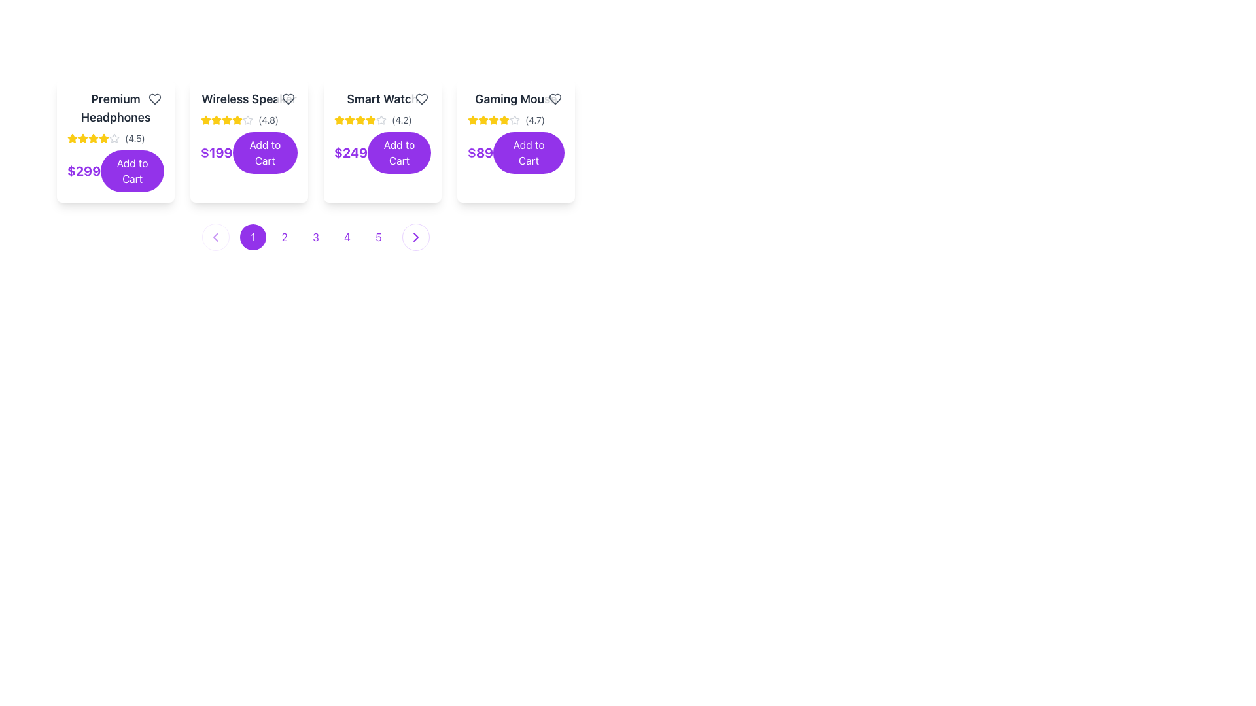  What do you see at coordinates (535, 120) in the screenshot?
I see `rating score displayed in the static text label for the 'Gaming Mouse' product, which is located on the rightmost side of the product listing` at bounding box center [535, 120].